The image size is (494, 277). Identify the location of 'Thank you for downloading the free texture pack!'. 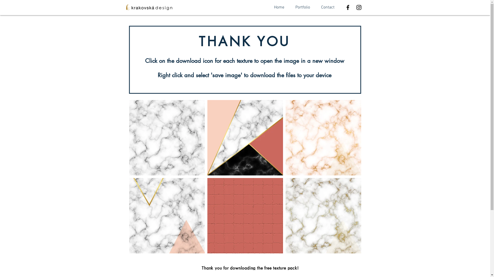
(250, 268).